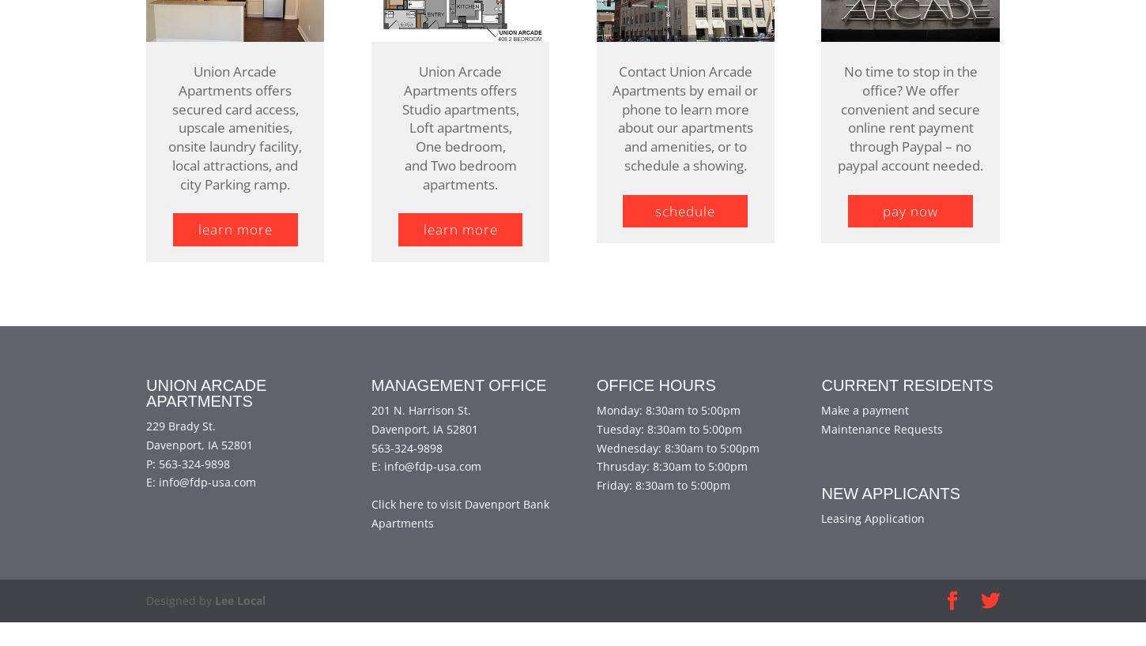  I want to click on 'and Two bedroom apartments.', so click(460, 197).